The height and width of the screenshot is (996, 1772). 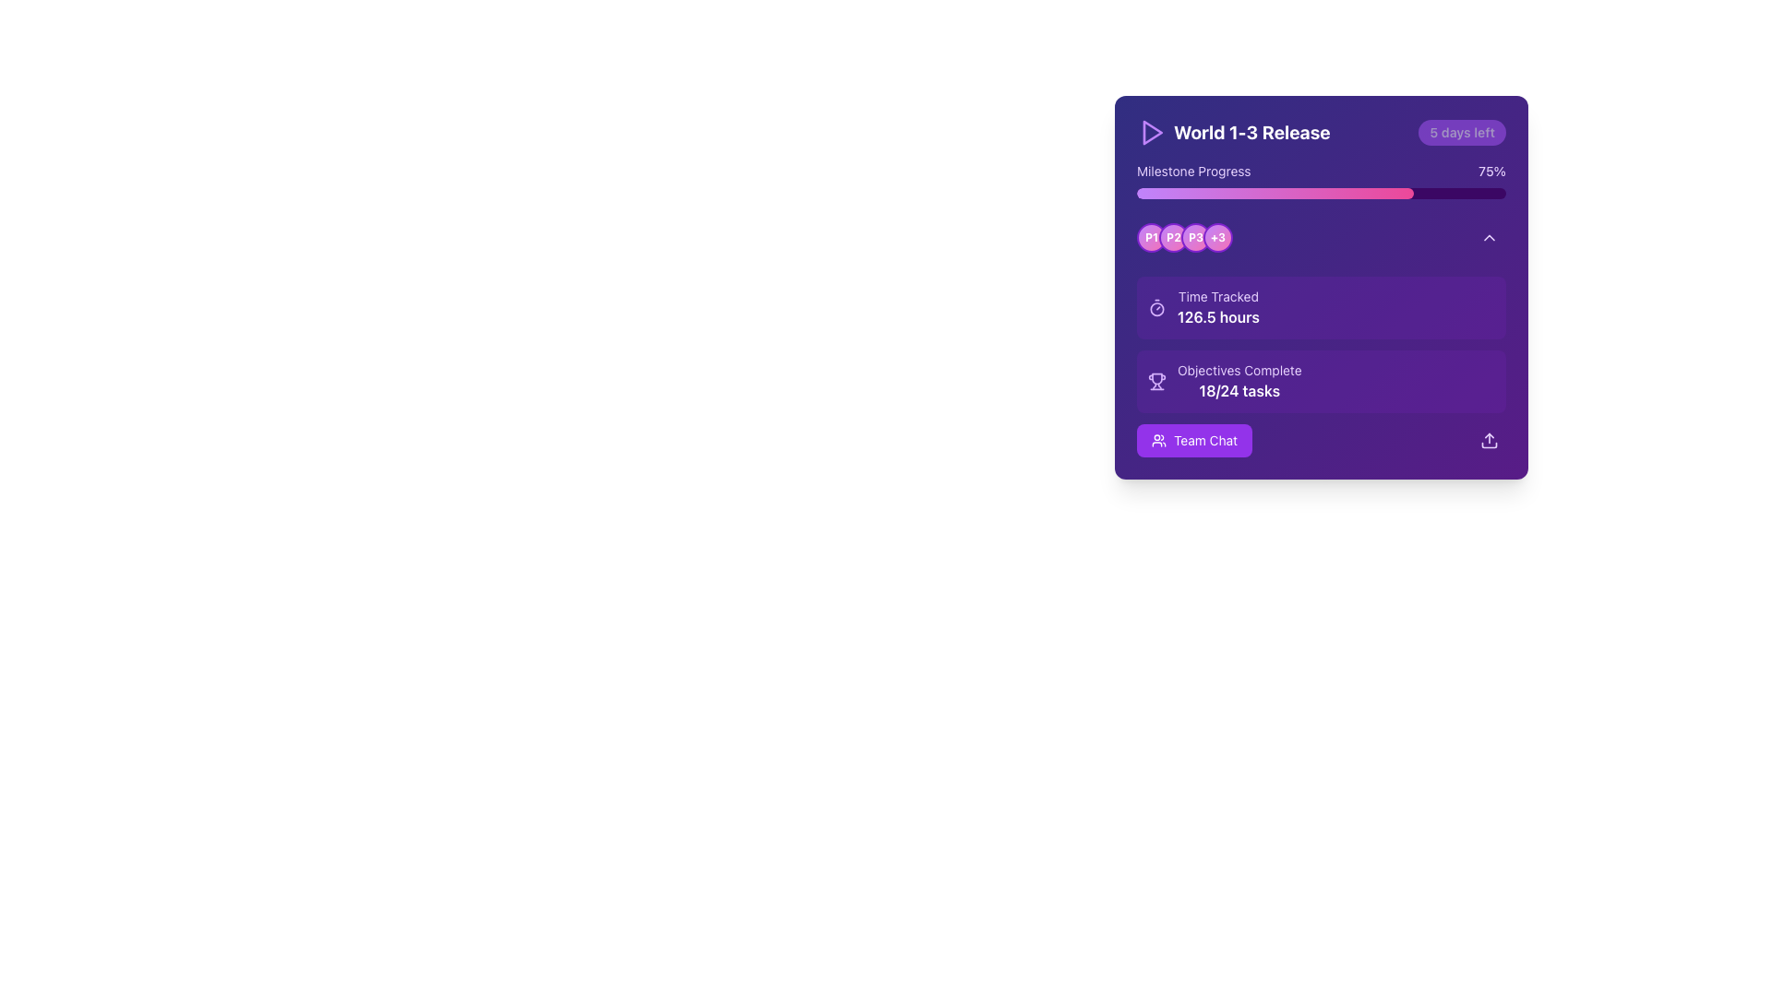 What do you see at coordinates (1320, 338) in the screenshot?
I see `text for information in the Informational card section titled 'World 1-3 Release', located below the progress bar and above the 'Team Chat' button` at bounding box center [1320, 338].